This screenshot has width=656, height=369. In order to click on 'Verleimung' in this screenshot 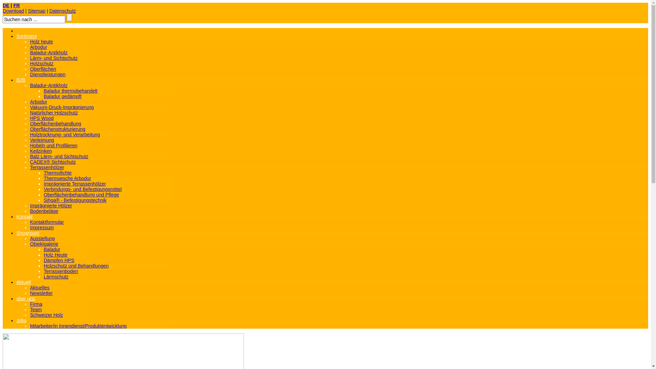, I will do `click(42, 139)`.